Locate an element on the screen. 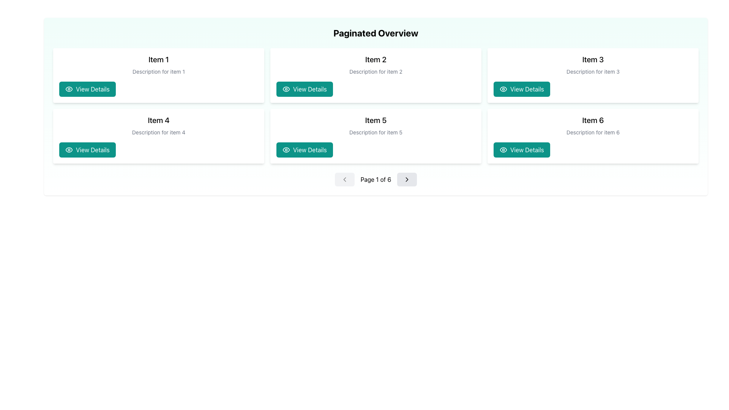 This screenshot has height=410, width=729. the eye icon within the 'View Details' button located in the second item card in the top row is located at coordinates (286, 89).